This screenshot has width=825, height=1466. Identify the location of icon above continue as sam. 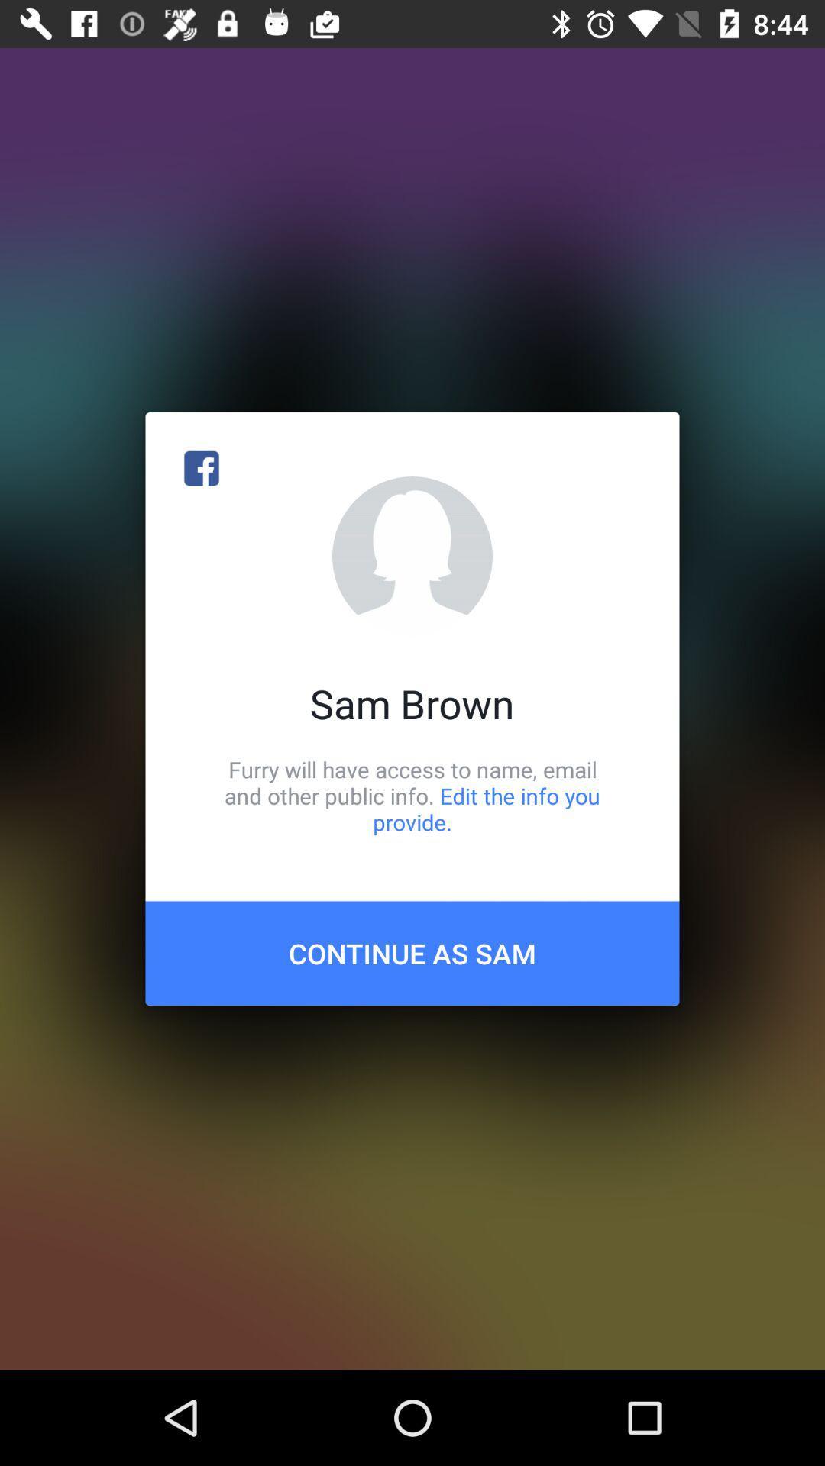
(412, 795).